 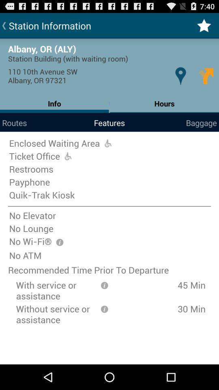 I want to click on expand information tab, so click(x=104, y=308).